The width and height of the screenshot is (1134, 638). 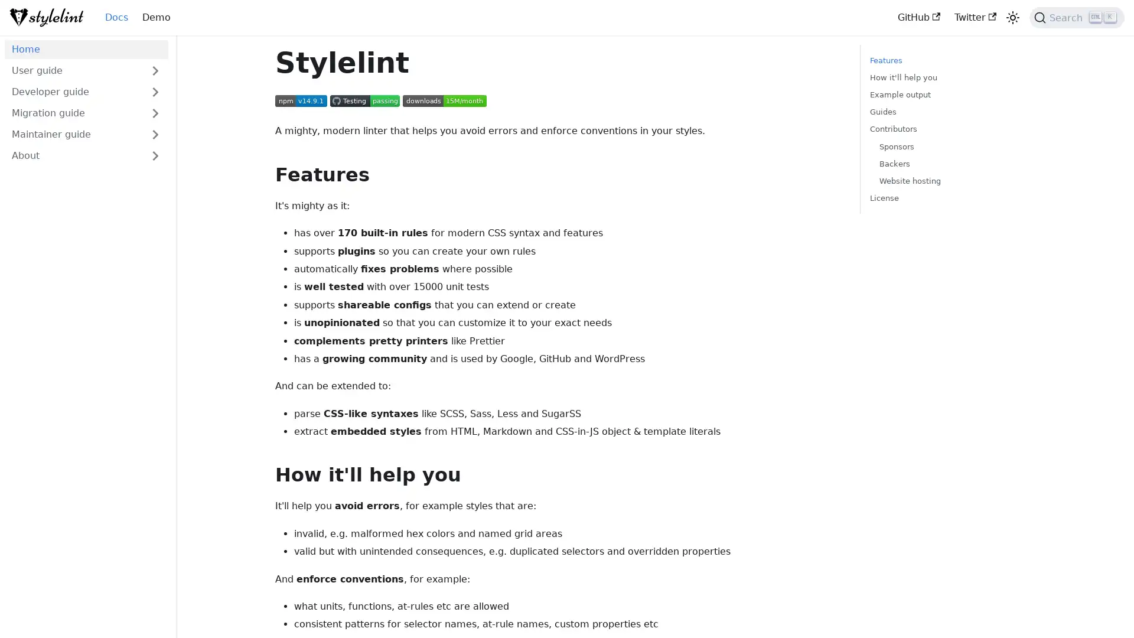 I want to click on Search, so click(x=1077, y=18).